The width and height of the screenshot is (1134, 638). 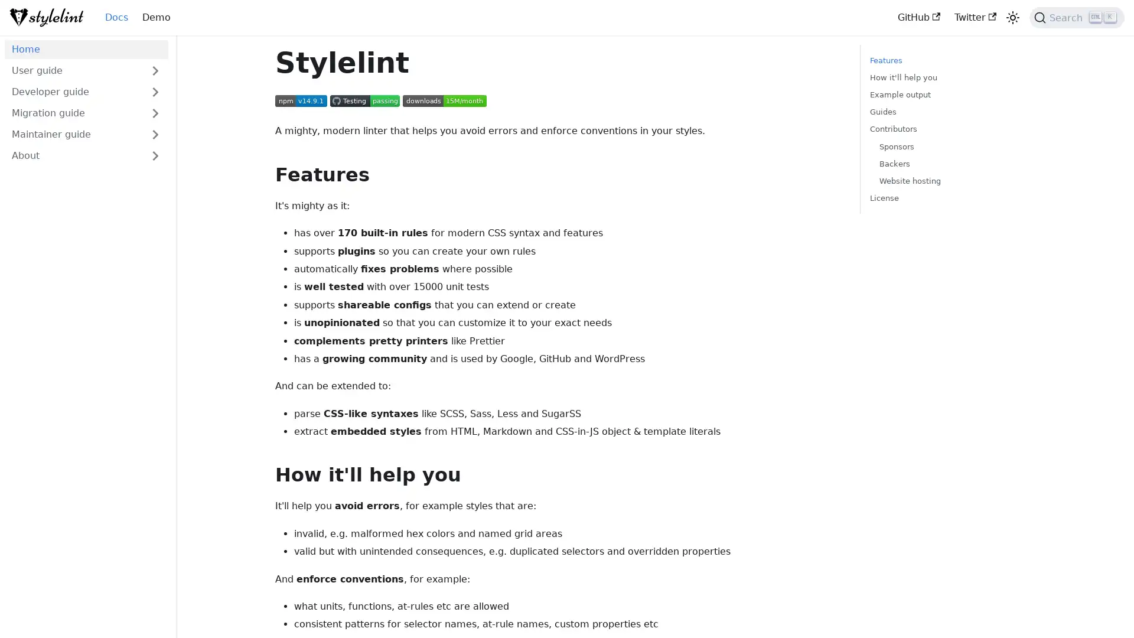 I want to click on Search, so click(x=1077, y=18).